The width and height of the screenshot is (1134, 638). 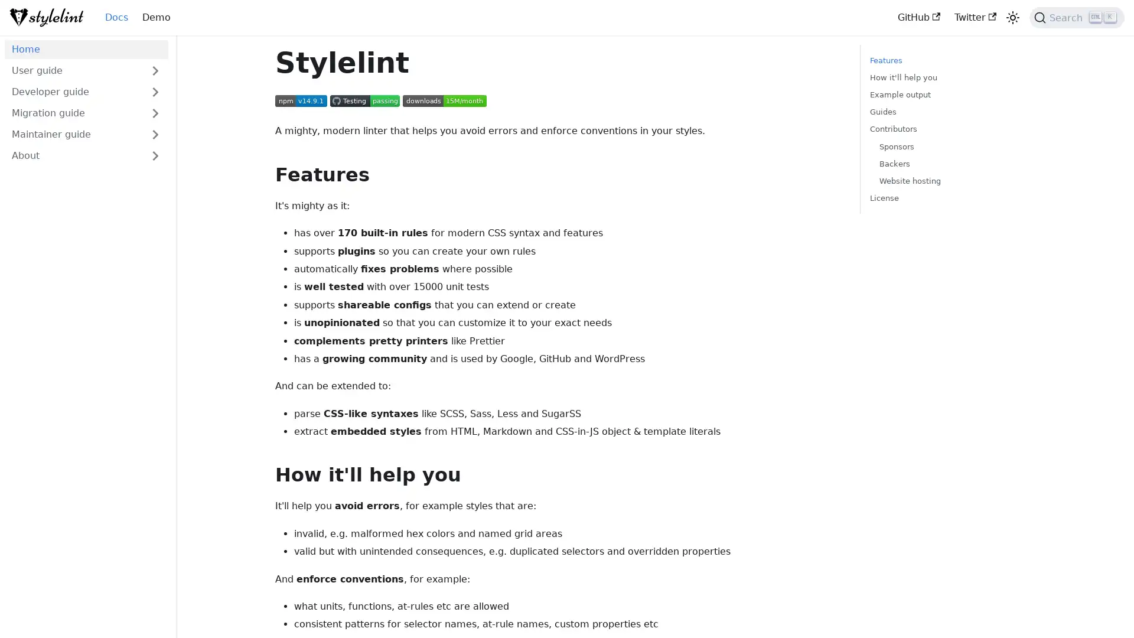 I want to click on Search, so click(x=1077, y=18).